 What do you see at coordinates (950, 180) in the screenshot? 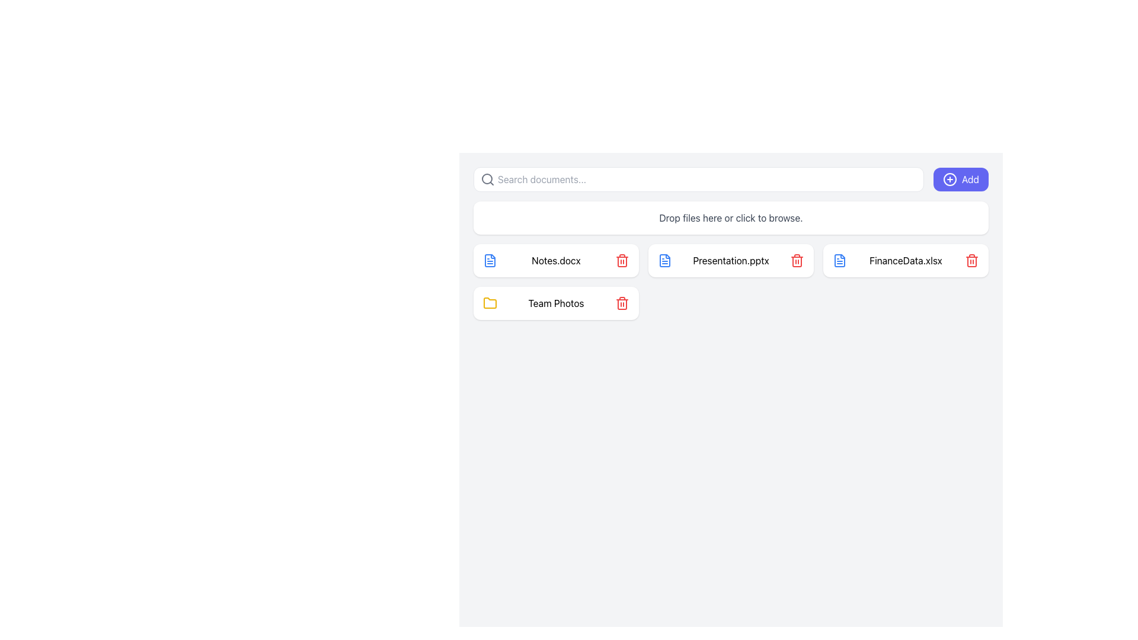
I see `the icon representing the action` at bounding box center [950, 180].